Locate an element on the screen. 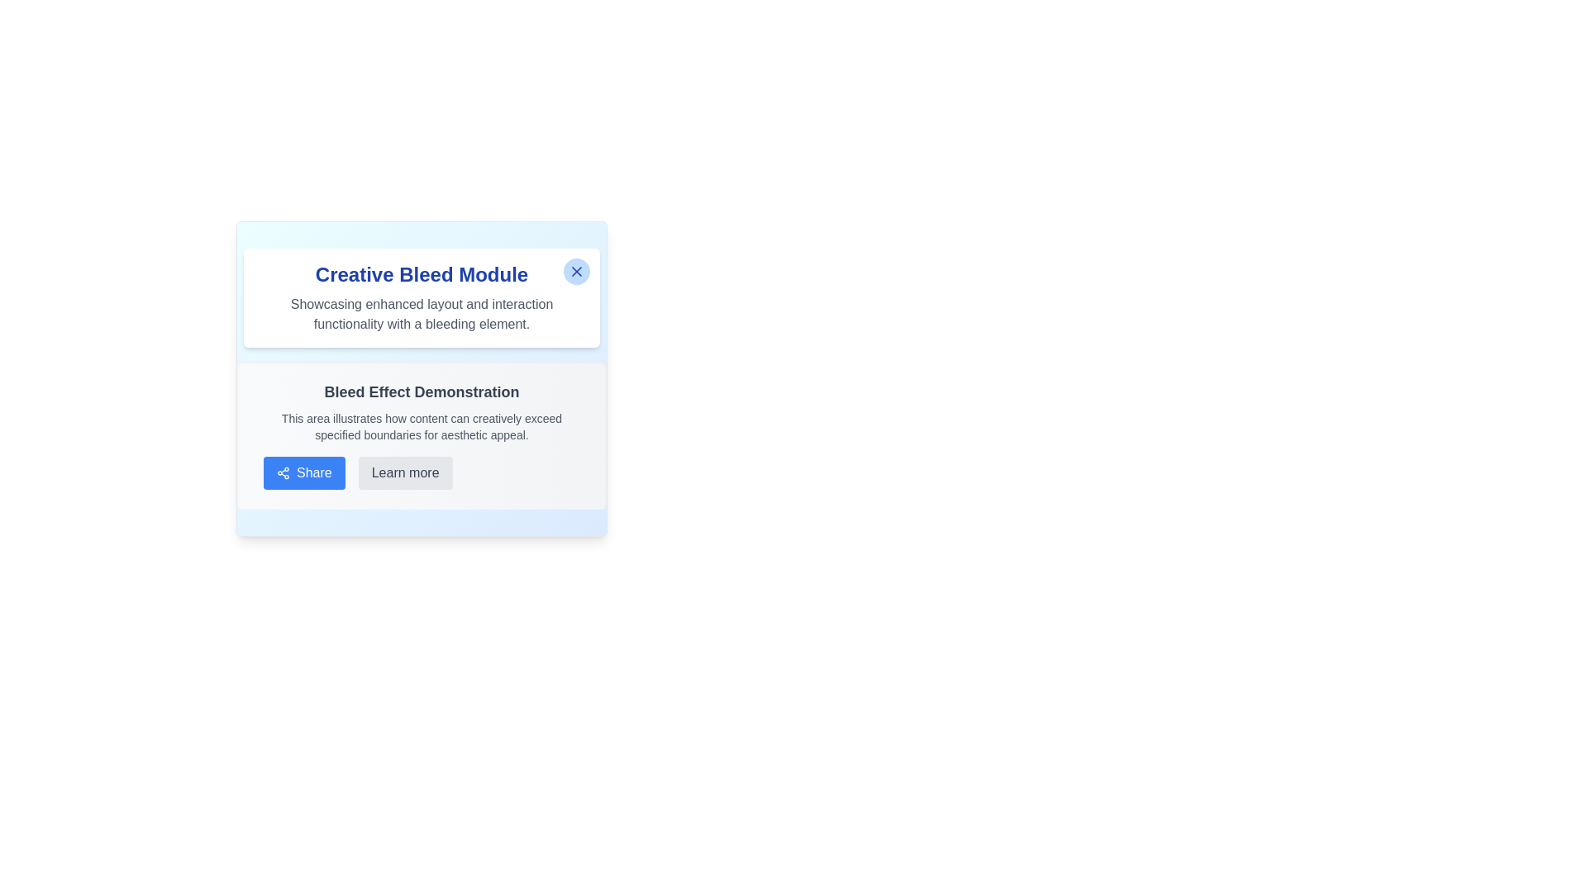 This screenshot has width=1587, height=892. the blue 'X' shaped close icon located at the top right corner of the card titled 'Creative Bleed Module' is located at coordinates (576, 270).